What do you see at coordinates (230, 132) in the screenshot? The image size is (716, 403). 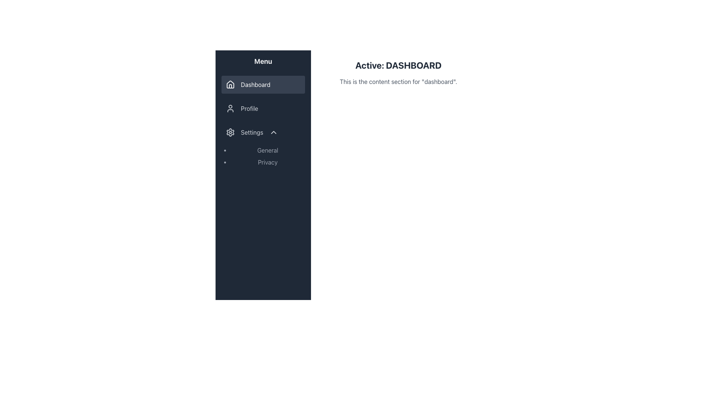 I see `the 'Settings' icon in the left-side navigation menu to interact with its associated menu` at bounding box center [230, 132].